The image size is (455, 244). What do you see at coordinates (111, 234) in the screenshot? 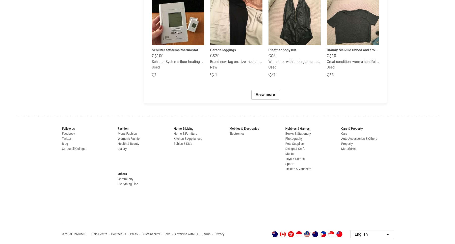
I see `'Contact Us'` at bounding box center [111, 234].